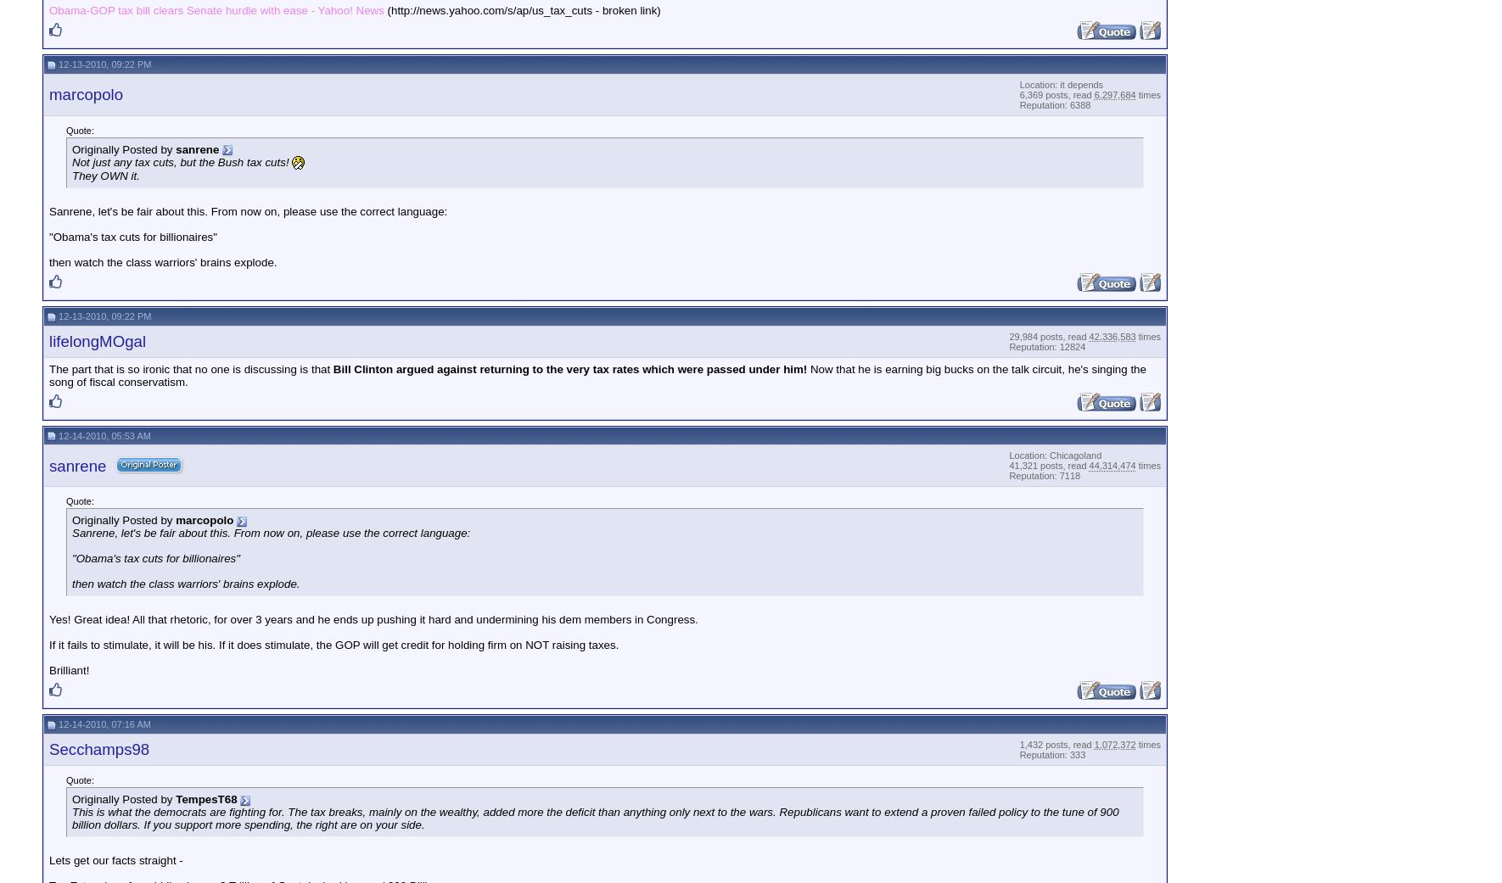 Image resolution: width=1502 pixels, height=883 pixels. Describe the element at coordinates (104, 176) in the screenshot. I see `'They OWN it.'` at that location.